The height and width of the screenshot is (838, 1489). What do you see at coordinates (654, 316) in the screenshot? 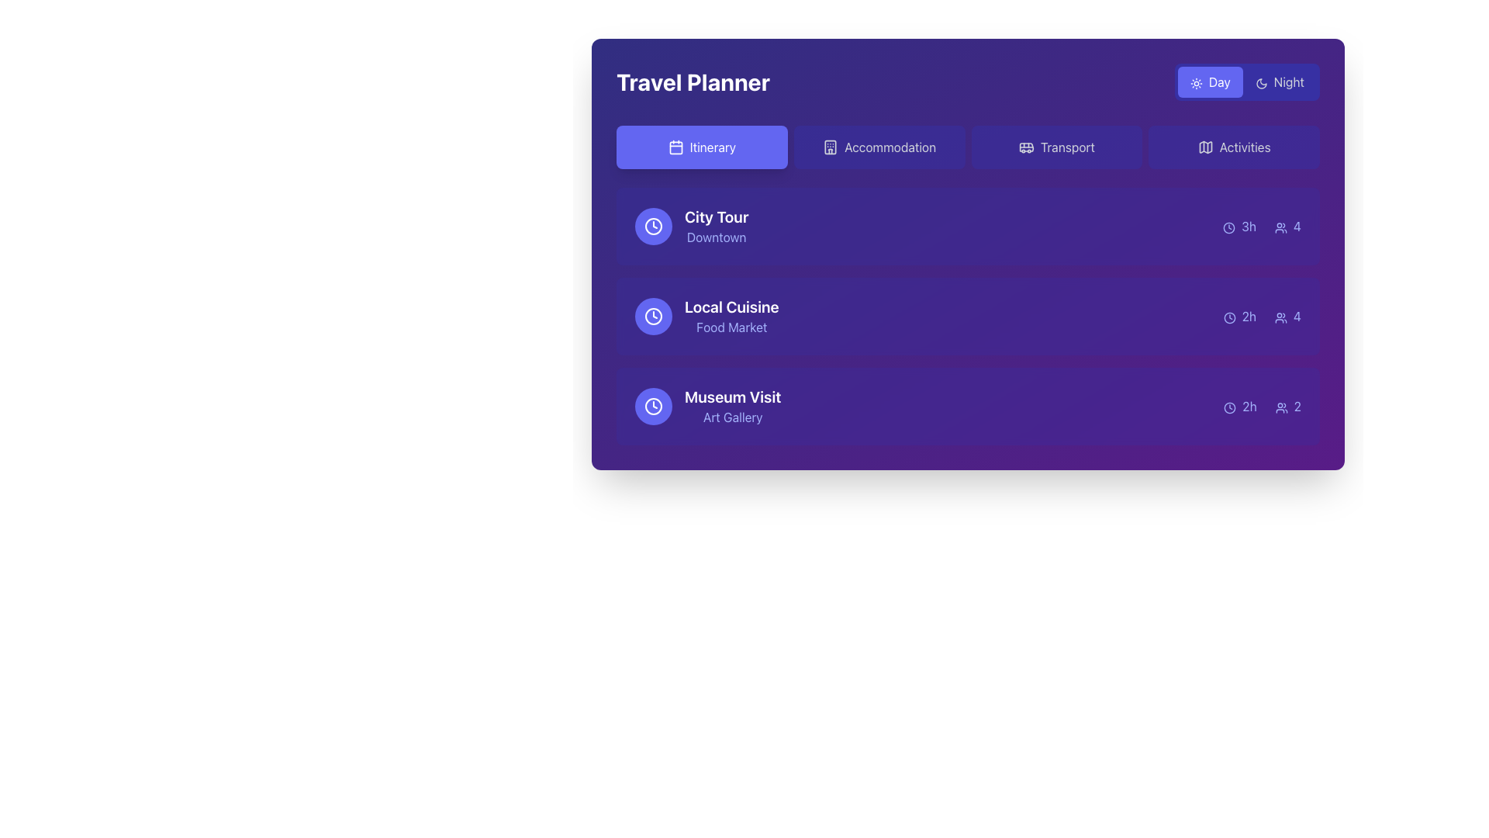
I see `the circular SVG element that represents the clock icon next to the 'Local Cuisine' entry in the 'Travel Planner' application interface` at bounding box center [654, 316].